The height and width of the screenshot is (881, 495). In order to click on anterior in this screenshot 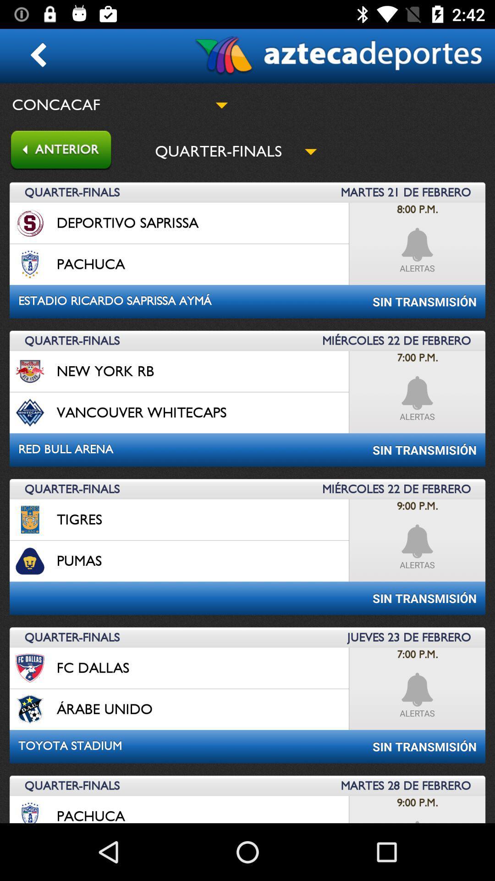, I will do `click(56, 151)`.